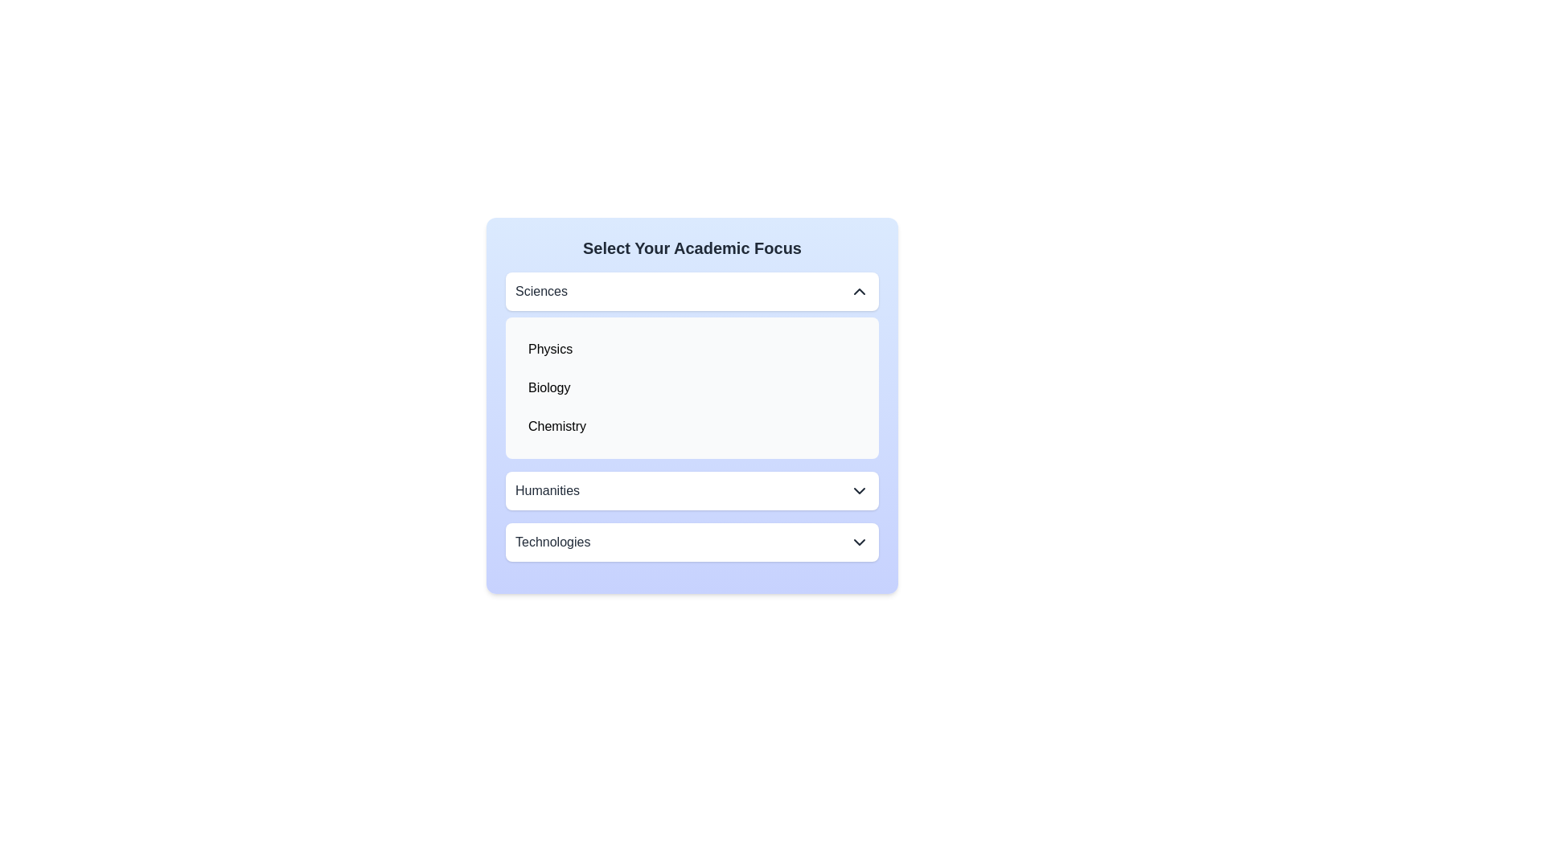 The image size is (1544, 868). I want to click on the text label displaying 'Physics' in the selectable list under the 'Sciences' category, so click(550, 349).